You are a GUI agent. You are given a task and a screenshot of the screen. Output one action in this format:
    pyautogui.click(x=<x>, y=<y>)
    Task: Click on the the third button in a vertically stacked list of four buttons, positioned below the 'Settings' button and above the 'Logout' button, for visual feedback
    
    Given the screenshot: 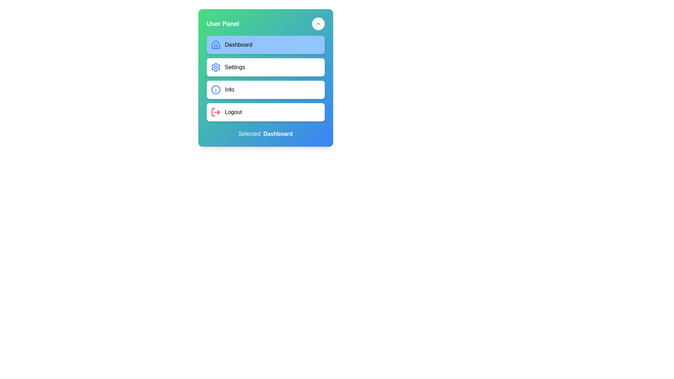 What is the action you would take?
    pyautogui.click(x=265, y=89)
    